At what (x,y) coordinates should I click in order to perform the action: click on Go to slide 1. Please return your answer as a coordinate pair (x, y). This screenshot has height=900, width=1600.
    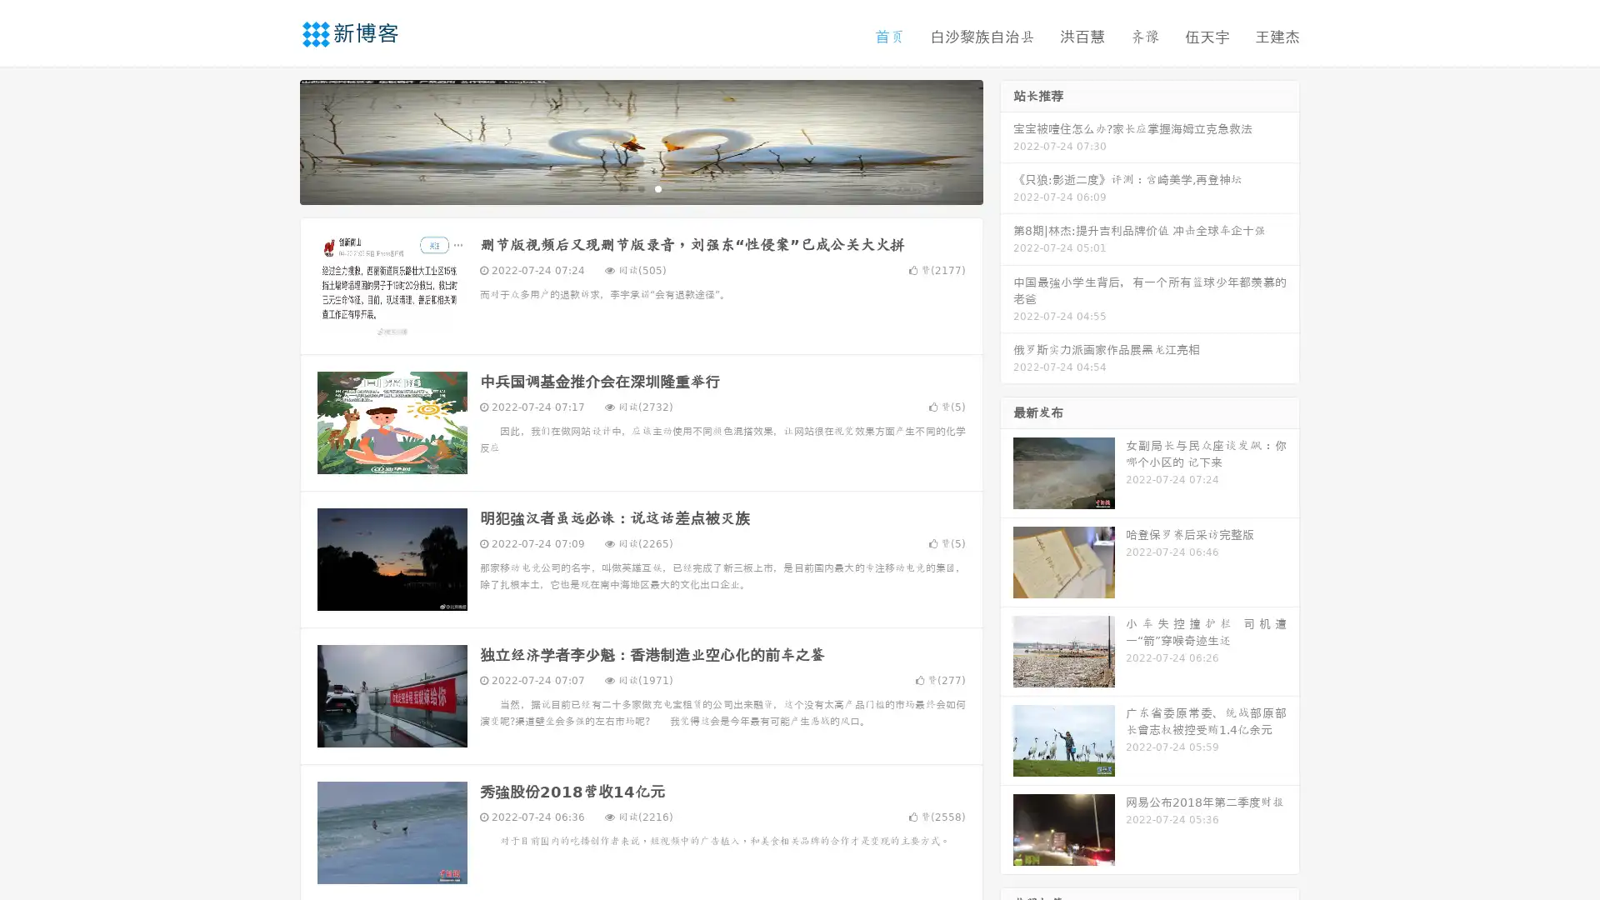
    Looking at the image, I should click on (623, 187).